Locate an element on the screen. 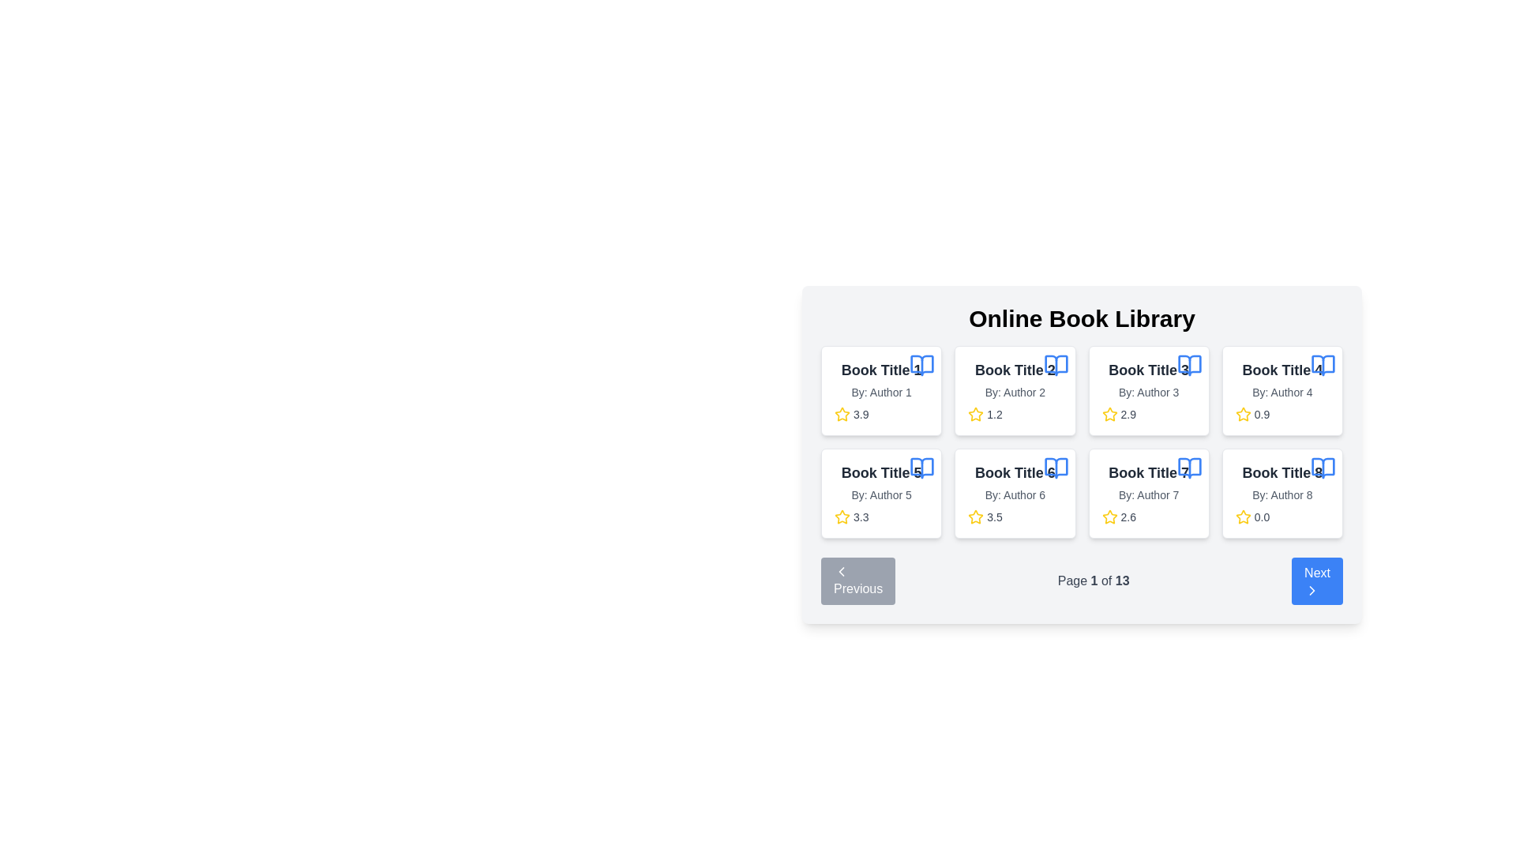 This screenshot has height=853, width=1516. the static text label that serves as the title of a book in the fourth card of a two-row grid layout, located in the second row and second column is located at coordinates (1282, 370).